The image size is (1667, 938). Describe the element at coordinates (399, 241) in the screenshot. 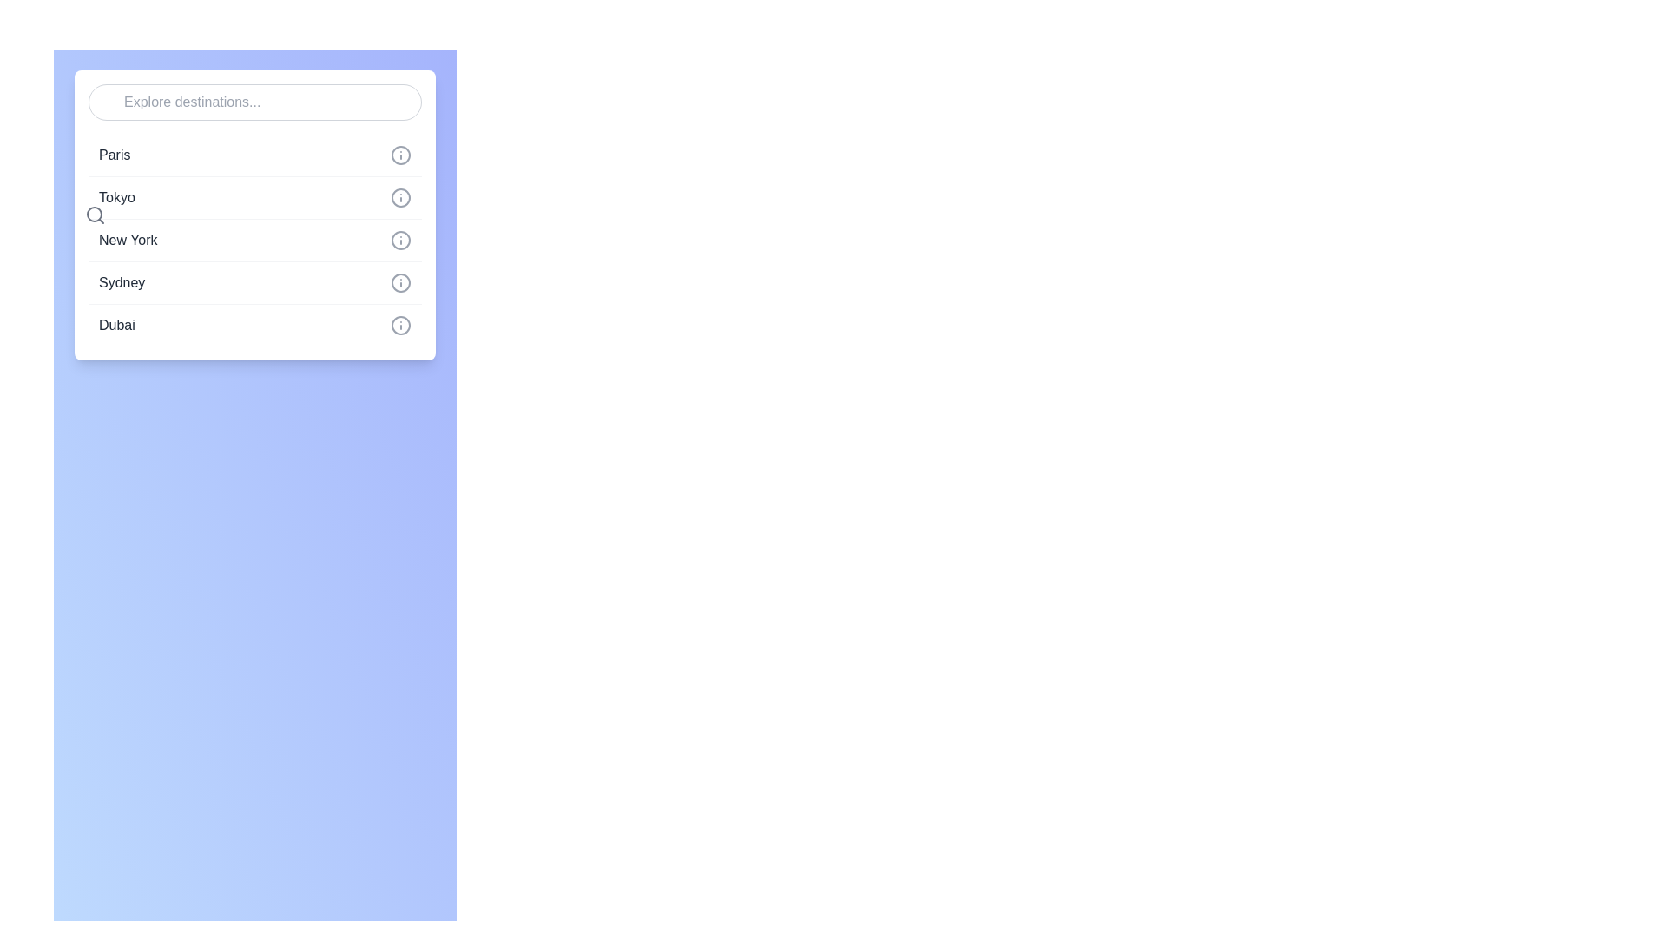

I see `the SVG circle element located at the far-right end of the 'New York' list item` at that location.